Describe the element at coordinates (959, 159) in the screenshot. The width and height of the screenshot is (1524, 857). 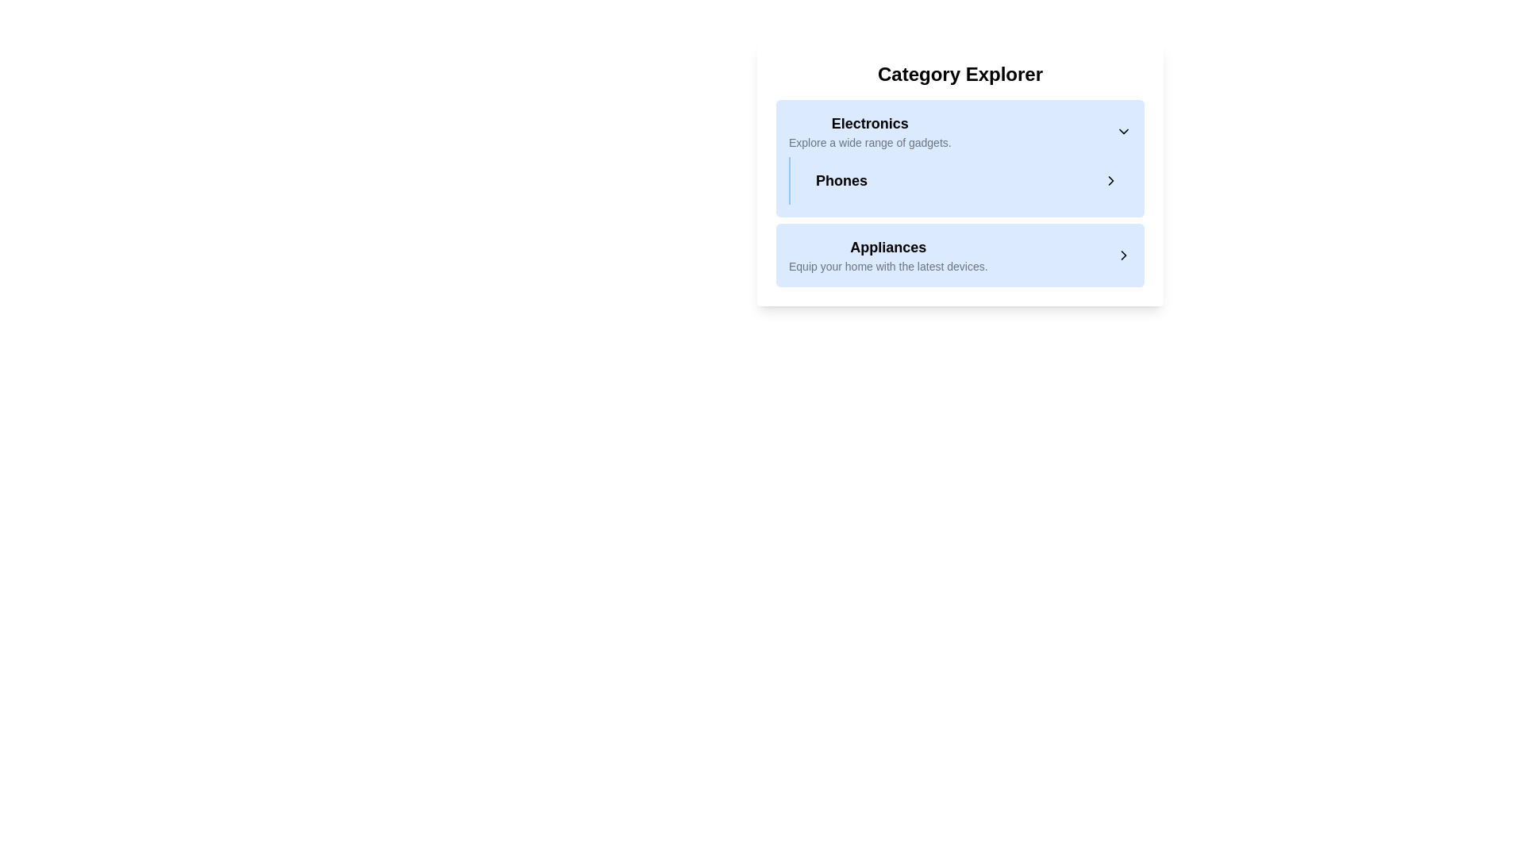
I see `the first collapsible section under 'Category Explorer' that allows exploration of electronics-related categories` at that location.